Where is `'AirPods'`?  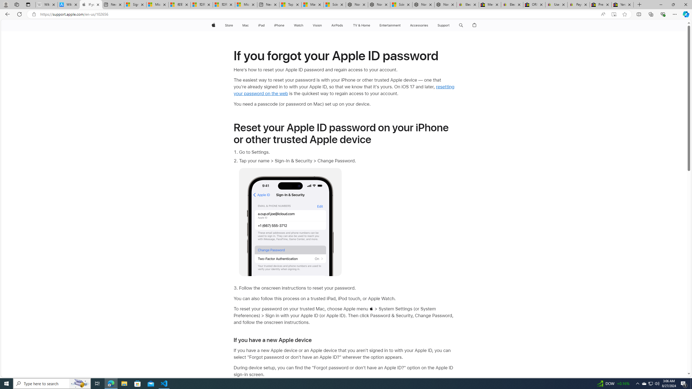 'AirPods' is located at coordinates (337, 25).